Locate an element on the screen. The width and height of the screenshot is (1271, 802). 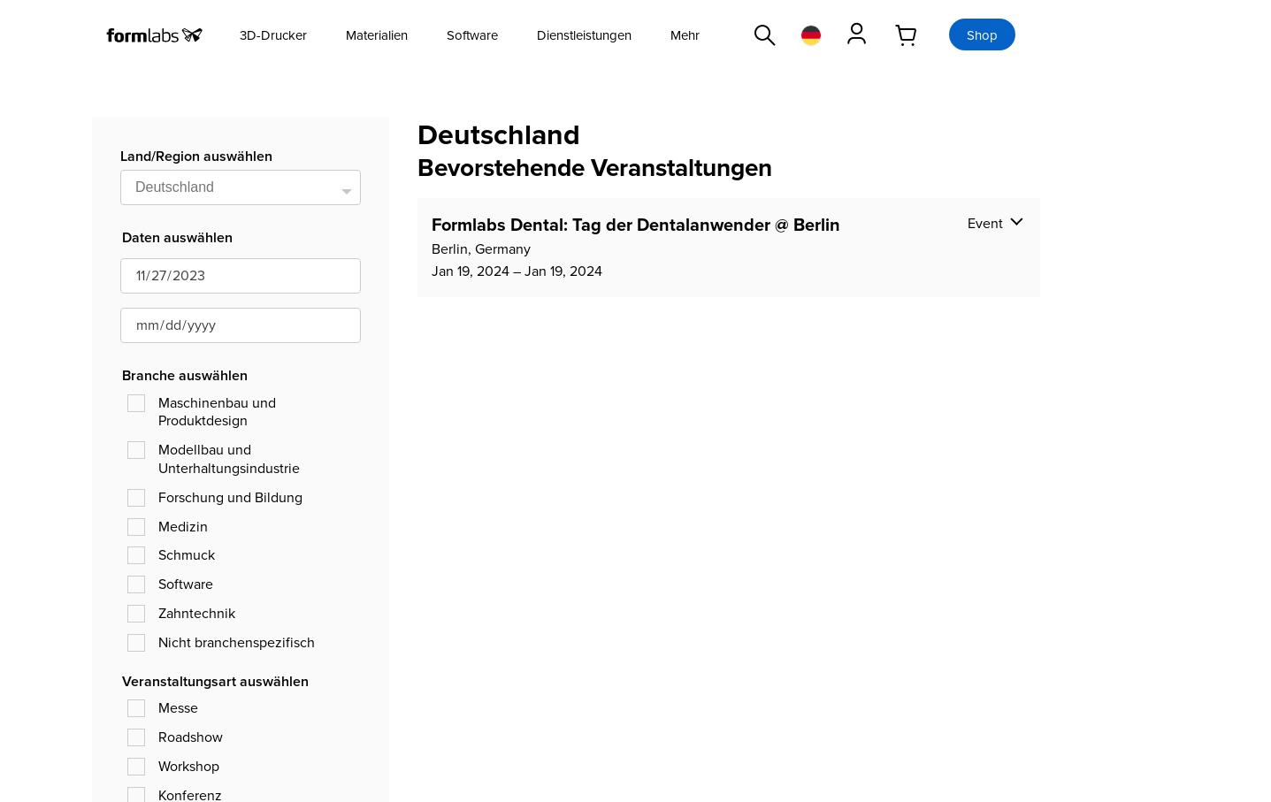
'Messe' is located at coordinates (177, 707).